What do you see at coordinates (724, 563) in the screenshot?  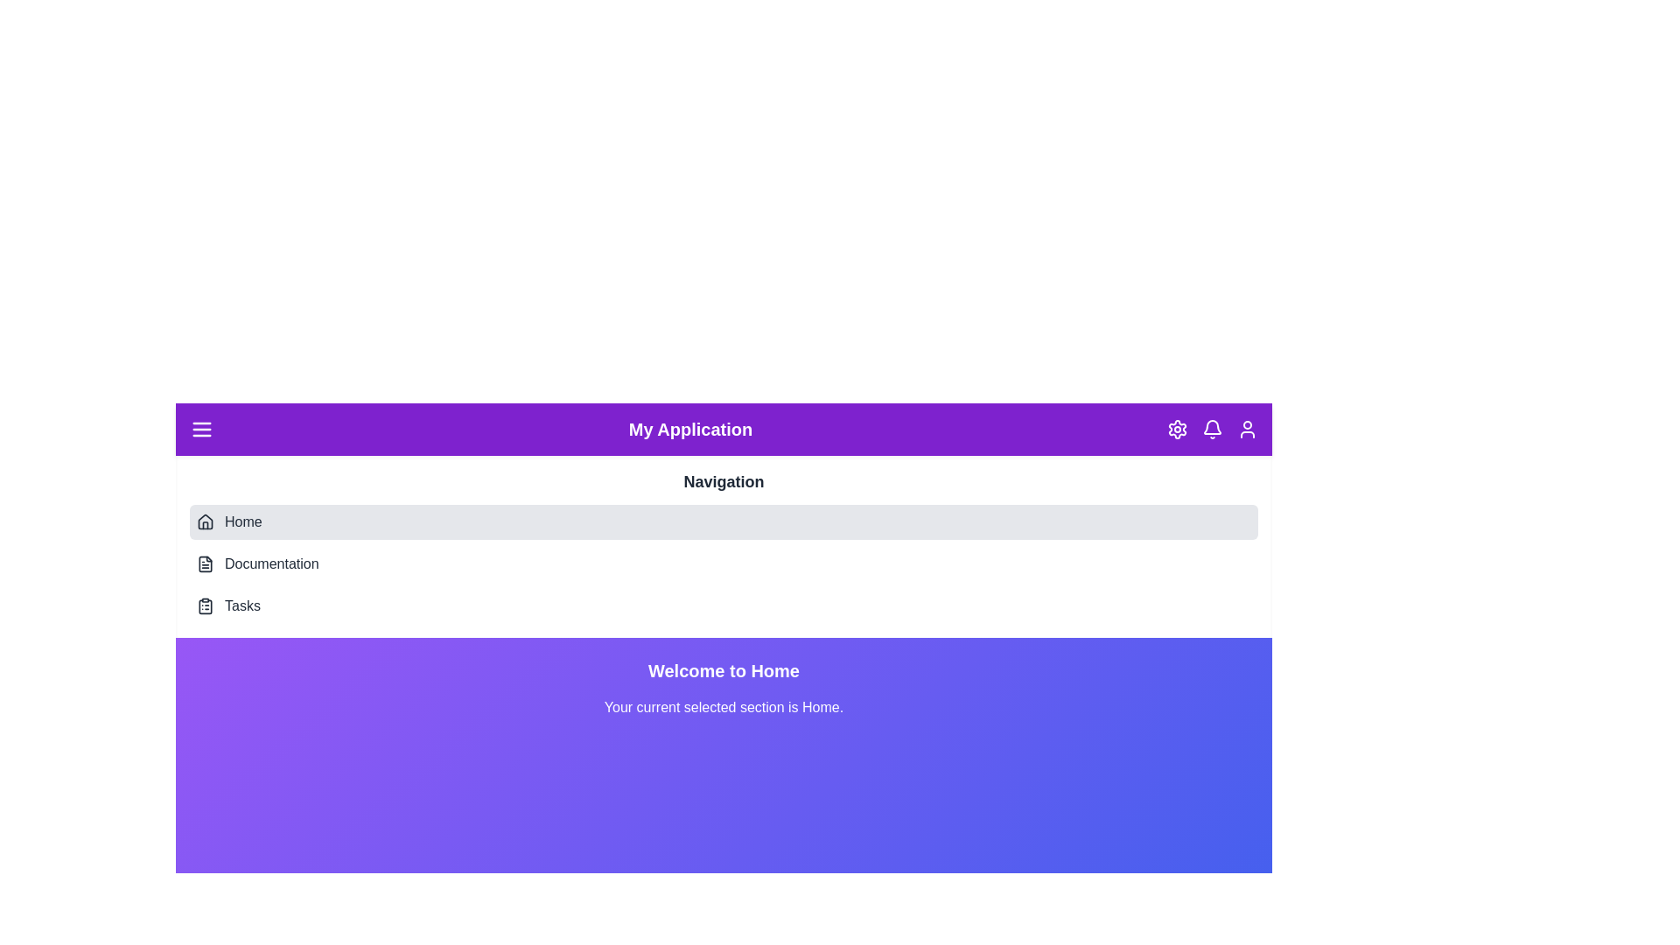 I see `the navigation section Documentation` at bounding box center [724, 563].